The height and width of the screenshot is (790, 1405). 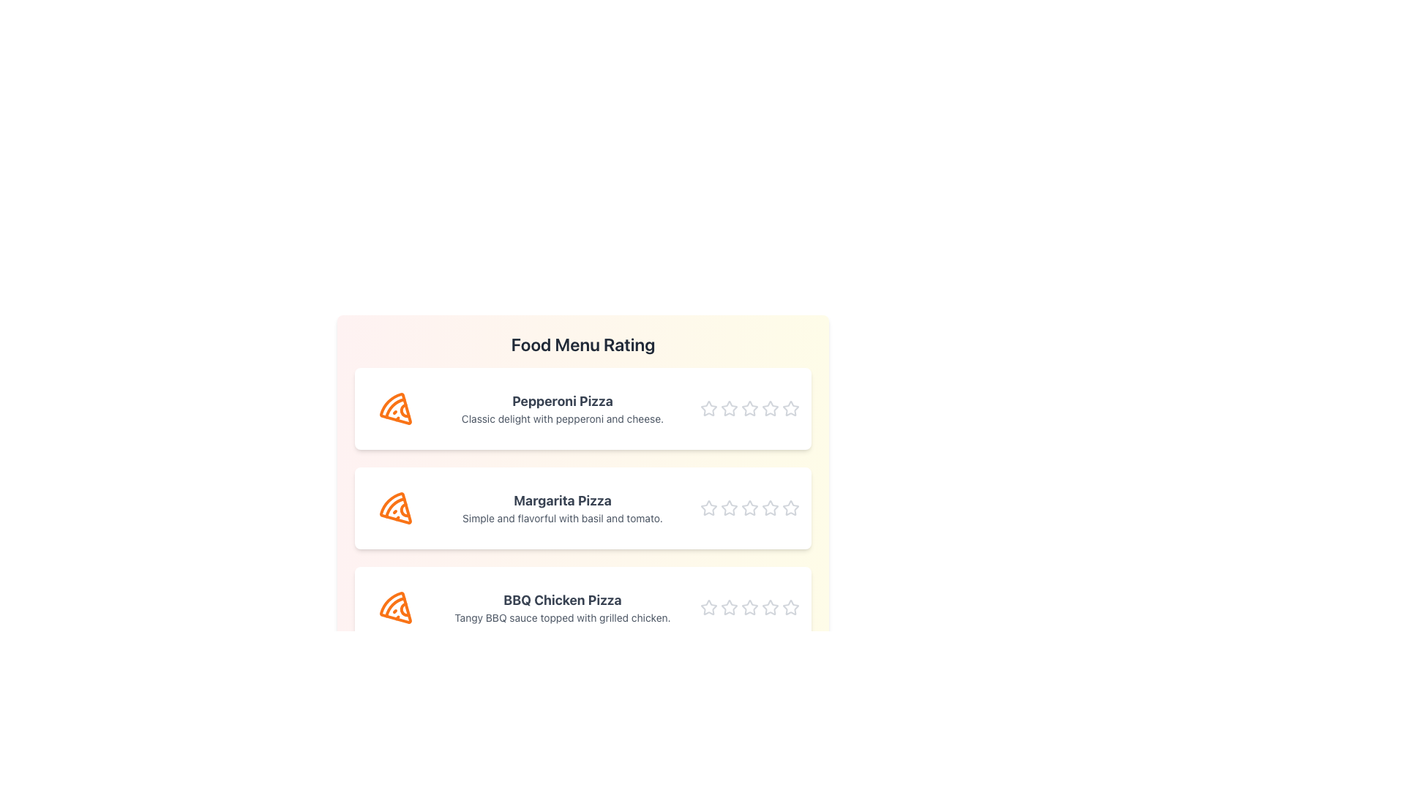 What do you see at coordinates (790, 507) in the screenshot?
I see `the fourth star in the five-star rating component for 'Margarita Pizza' using keyboard navigation` at bounding box center [790, 507].